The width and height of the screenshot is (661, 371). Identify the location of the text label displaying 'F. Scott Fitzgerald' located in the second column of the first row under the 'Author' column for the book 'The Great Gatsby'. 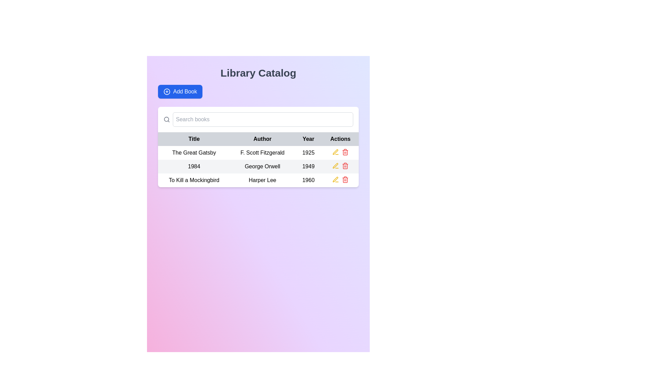
(262, 152).